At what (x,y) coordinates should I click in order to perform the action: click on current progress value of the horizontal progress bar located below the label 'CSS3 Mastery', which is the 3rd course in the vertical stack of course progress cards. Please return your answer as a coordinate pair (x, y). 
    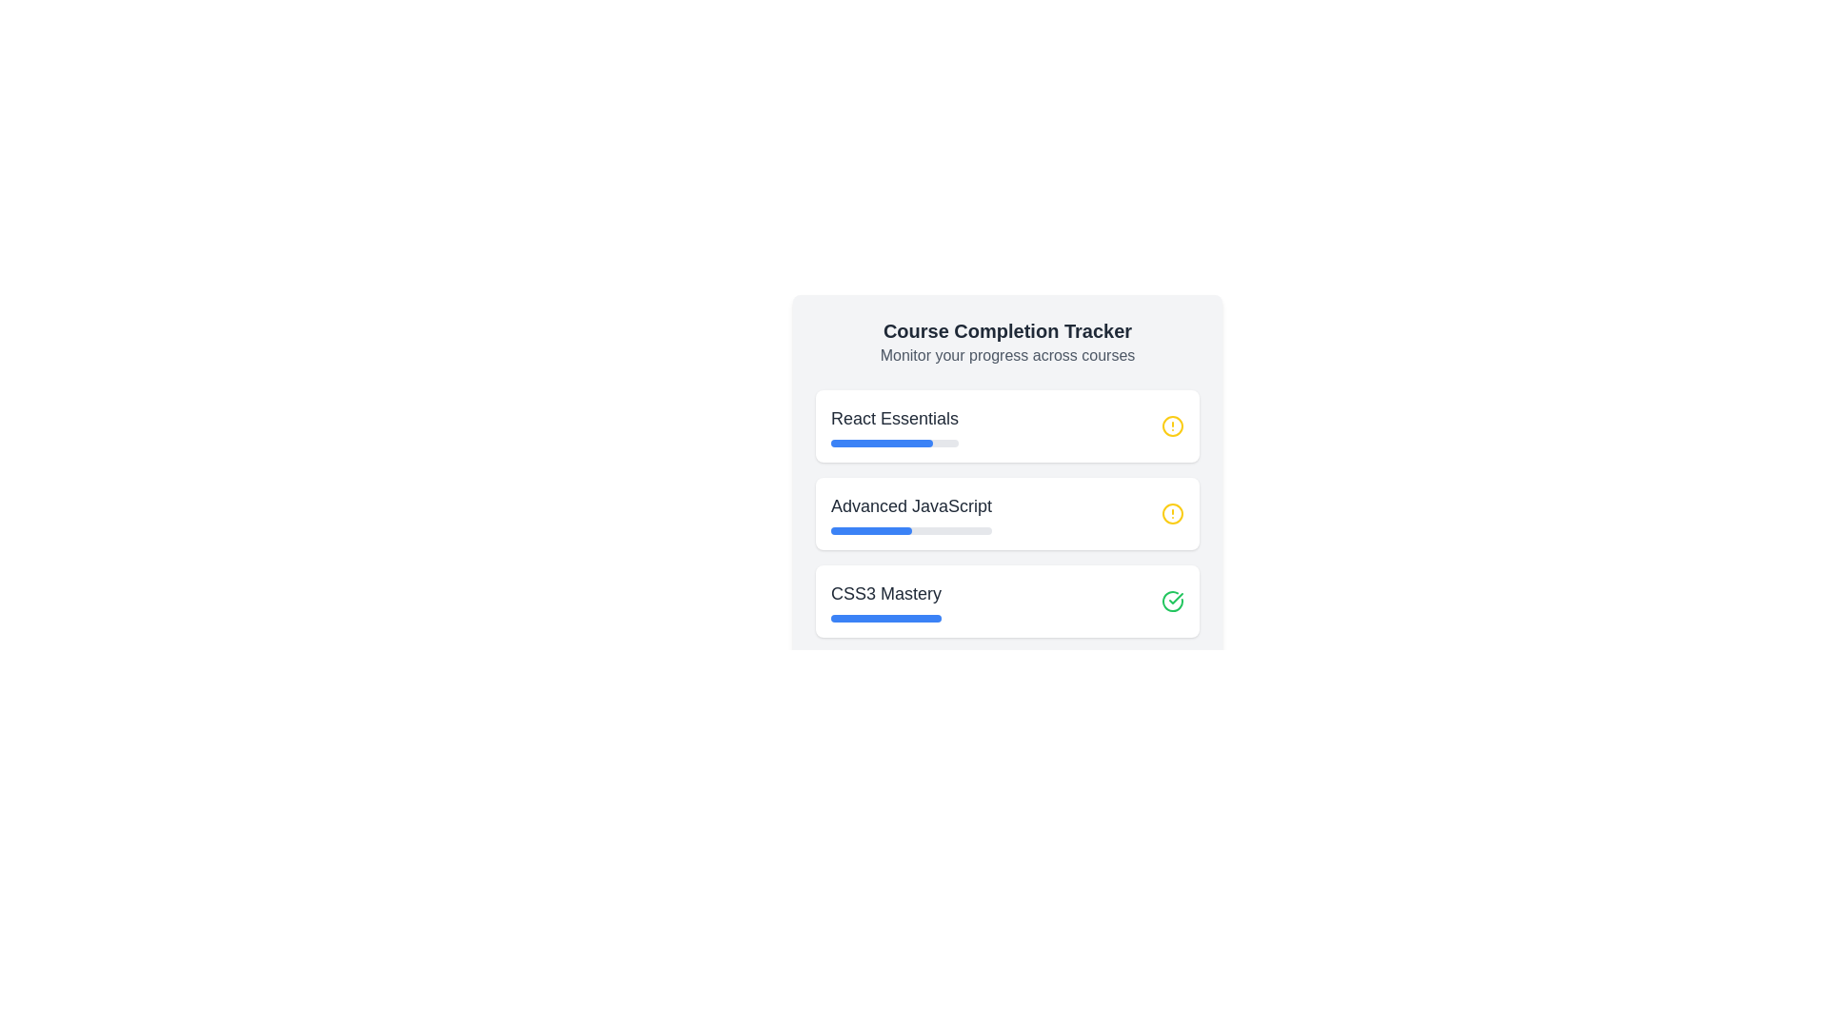
    Looking at the image, I should click on (885, 619).